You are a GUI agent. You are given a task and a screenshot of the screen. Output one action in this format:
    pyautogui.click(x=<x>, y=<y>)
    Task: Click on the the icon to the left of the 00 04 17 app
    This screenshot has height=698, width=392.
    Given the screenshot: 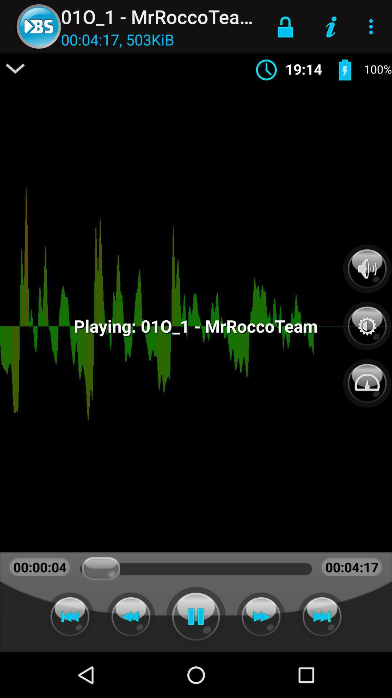 What is the action you would take?
    pyautogui.click(x=15, y=68)
    